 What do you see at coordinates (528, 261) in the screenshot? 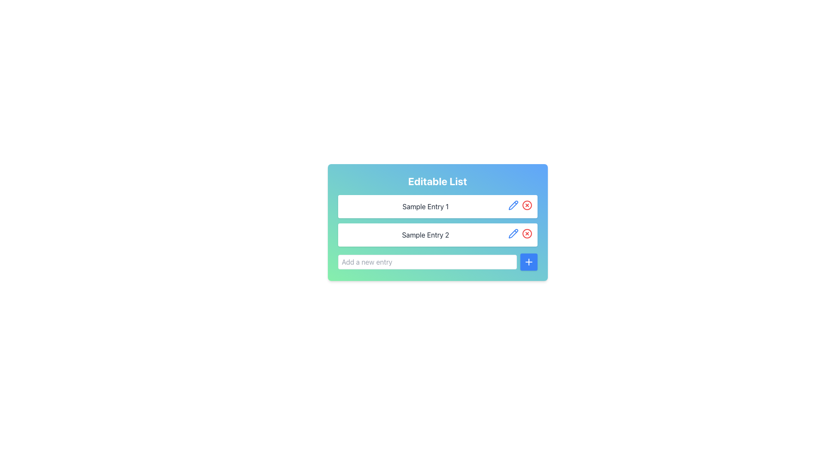
I see `the 'Add a new entry' button located to the right of the corresponding text input field` at bounding box center [528, 261].